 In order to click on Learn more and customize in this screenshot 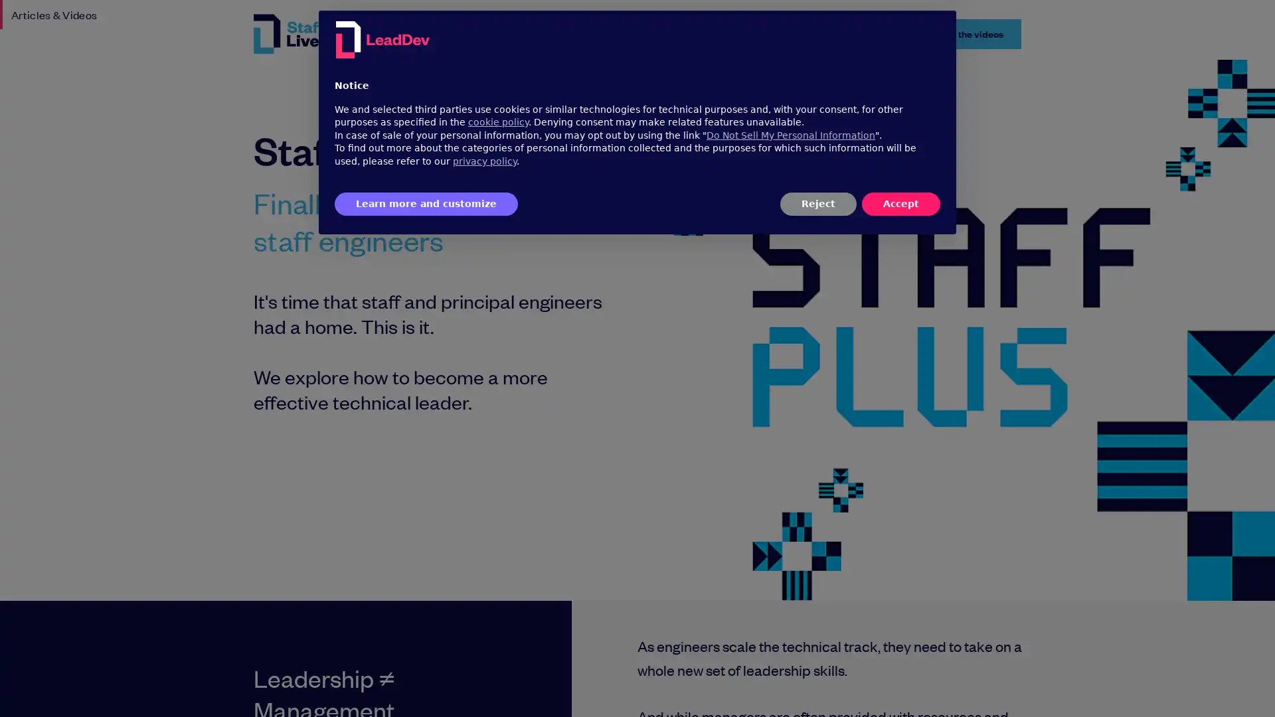, I will do `click(426, 204)`.